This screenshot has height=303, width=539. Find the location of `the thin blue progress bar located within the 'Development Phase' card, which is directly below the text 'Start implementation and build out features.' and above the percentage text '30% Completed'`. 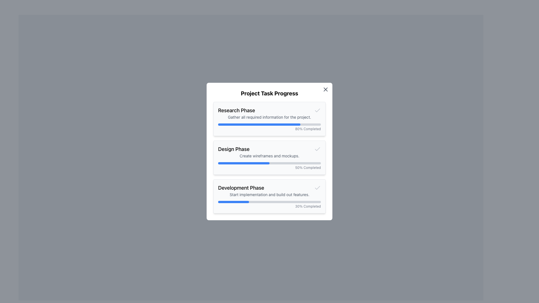

the thin blue progress bar located within the 'Development Phase' card, which is directly below the text 'Start implementation and build out features.' and above the percentage text '30% Completed' is located at coordinates (269, 202).